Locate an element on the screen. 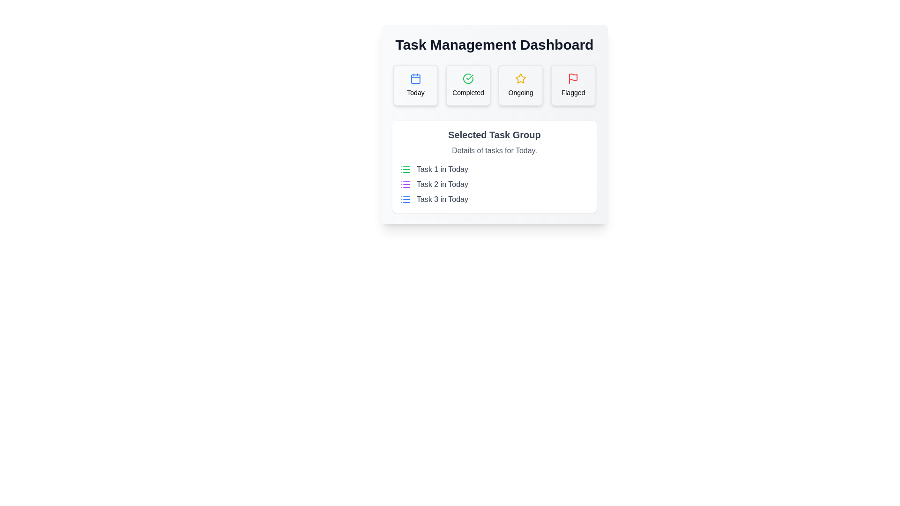 This screenshot has height=506, width=900. the static text component displaying 'Selected Task Group', which is styled in dark gray and serves as the title of the white card interface is located at coordinates (494, 135).